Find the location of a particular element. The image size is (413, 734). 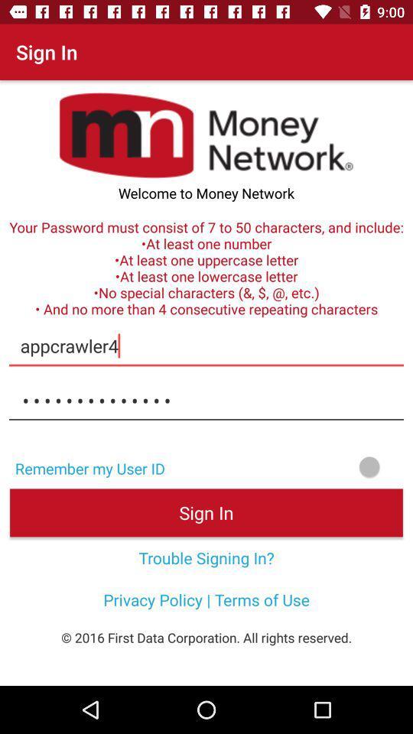

icon above 2016 first data icon is located at coordinates (206, 599).